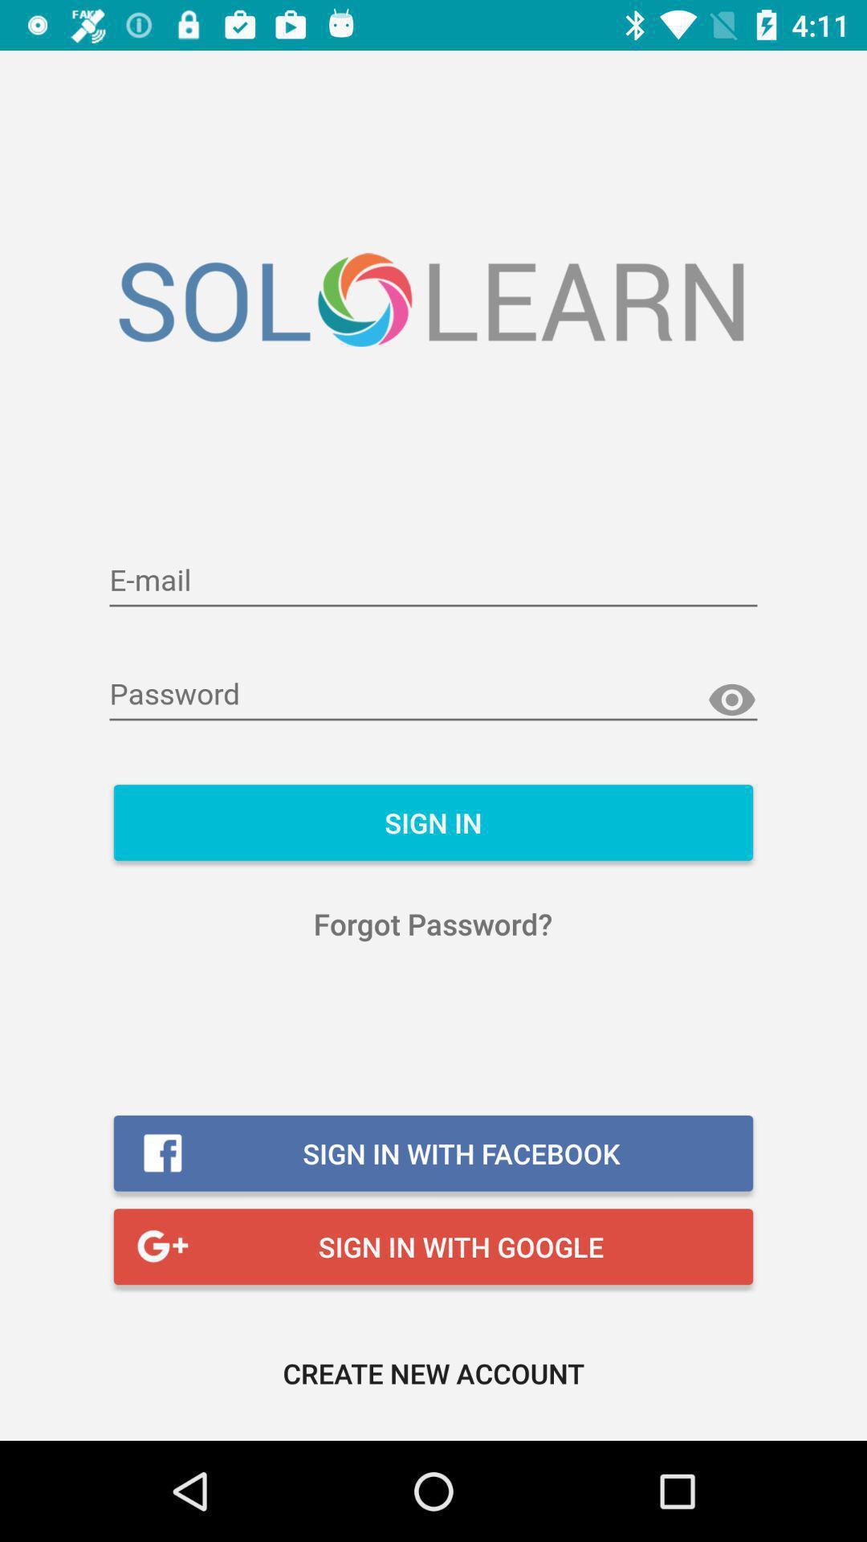  Describe the element at coordinates (433, 1372) in the screenshot. I see `item below the sign in with item` at that location.